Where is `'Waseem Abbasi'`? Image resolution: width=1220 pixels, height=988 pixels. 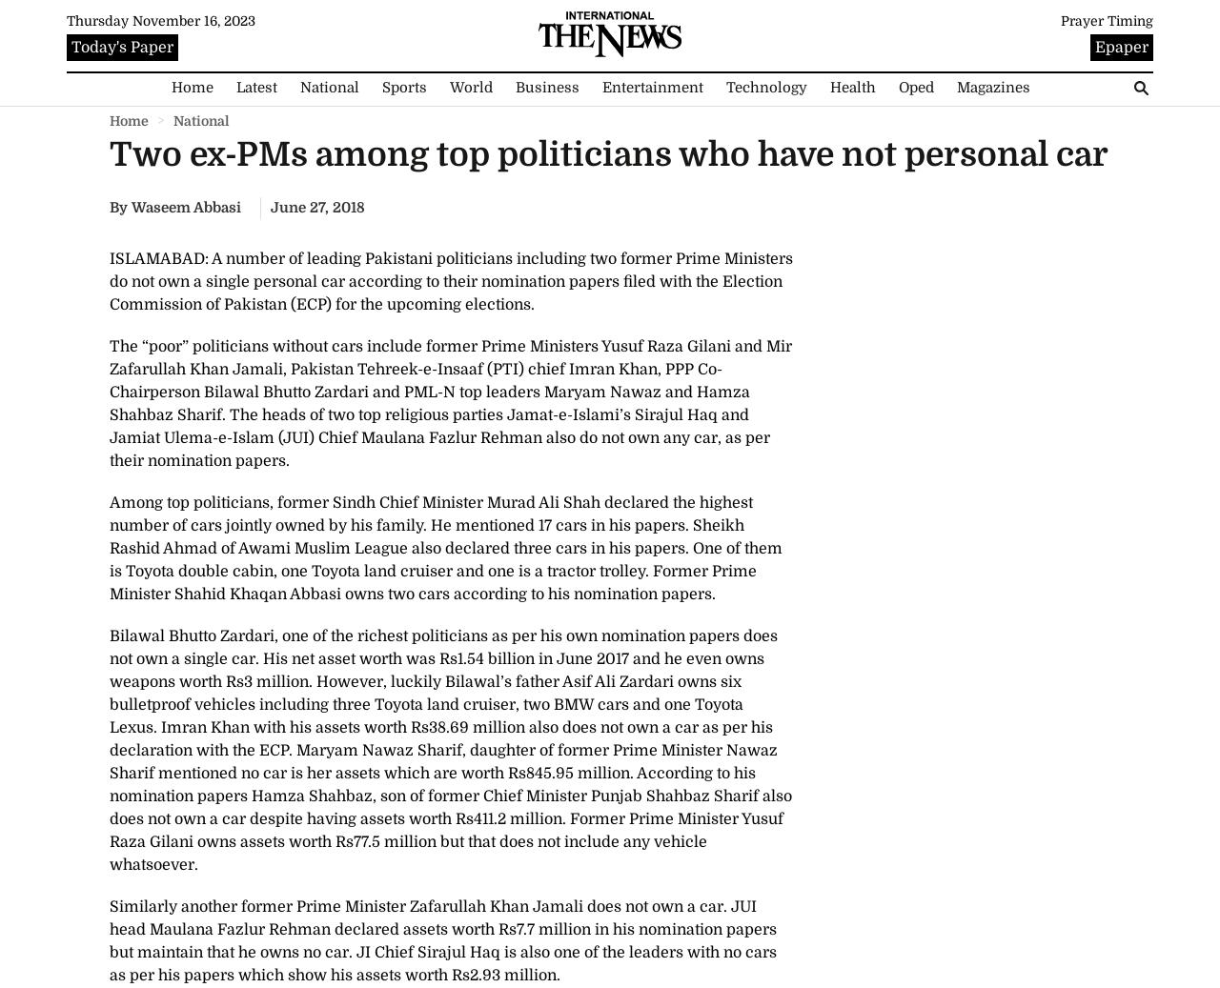
'Waseem Abbasi' is located at coordinates (186, 206).